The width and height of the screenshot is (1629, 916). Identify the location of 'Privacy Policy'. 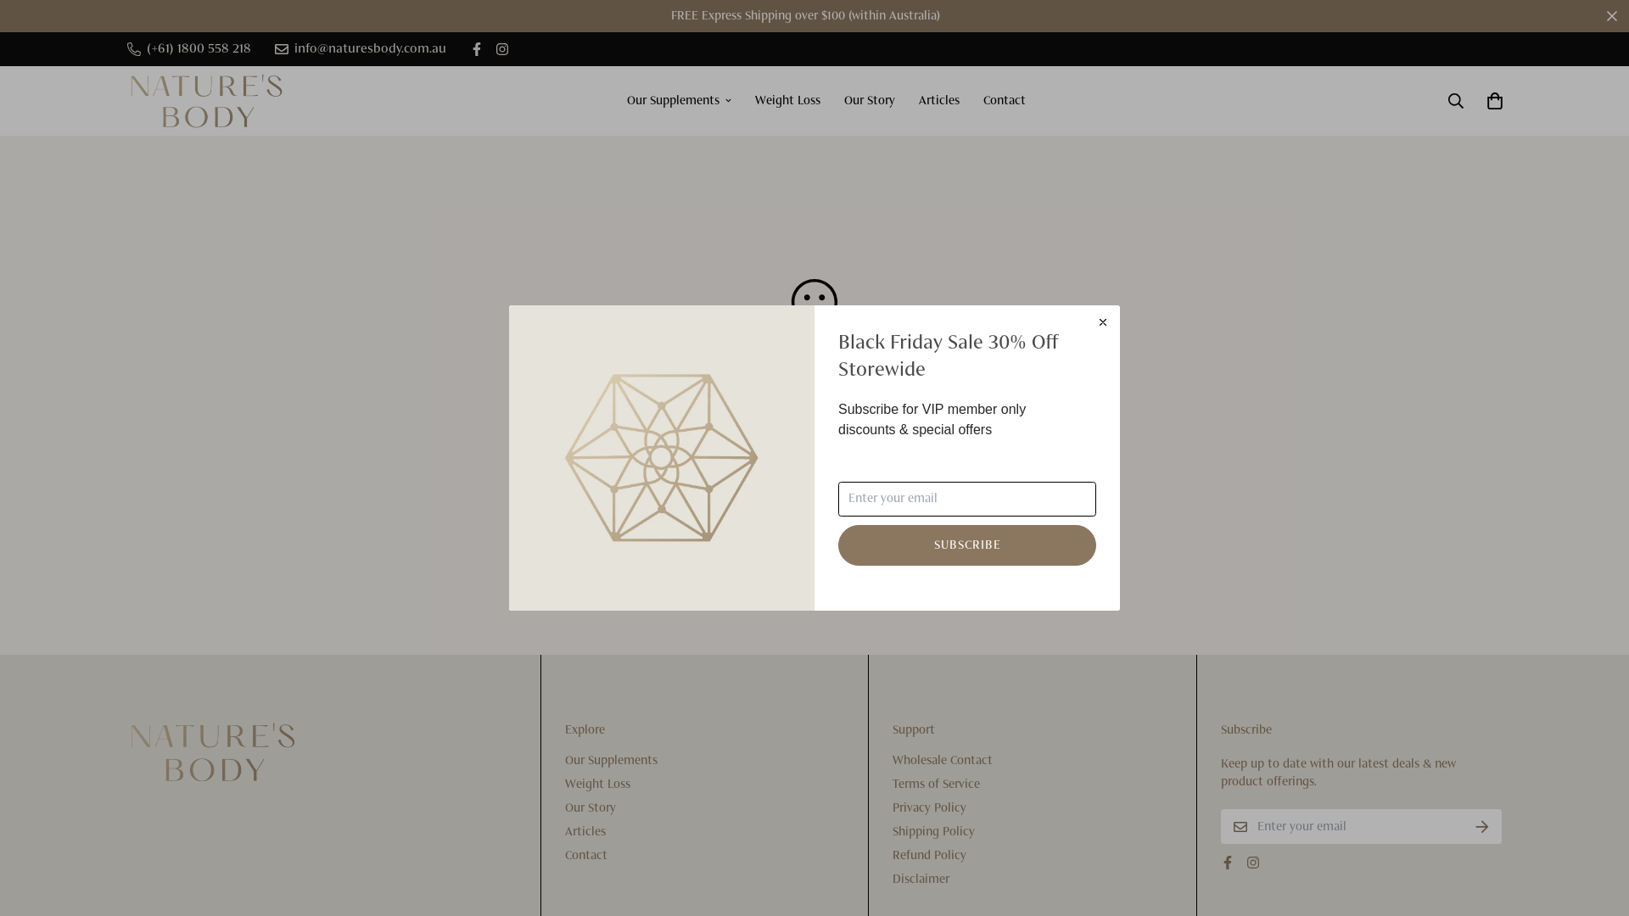
(891, 807).